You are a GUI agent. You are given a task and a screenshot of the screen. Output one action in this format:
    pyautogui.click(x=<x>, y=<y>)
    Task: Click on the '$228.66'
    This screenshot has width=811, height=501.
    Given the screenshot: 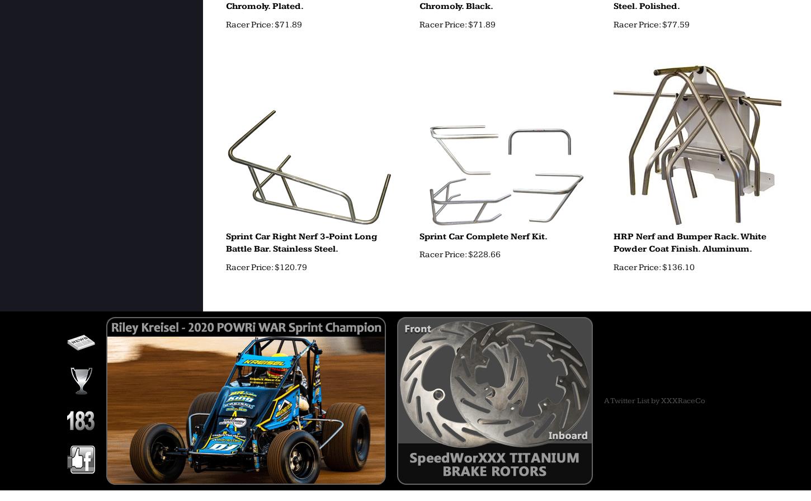 What is the action you would take?
    pyautogui.click(x=483, y=254)
    